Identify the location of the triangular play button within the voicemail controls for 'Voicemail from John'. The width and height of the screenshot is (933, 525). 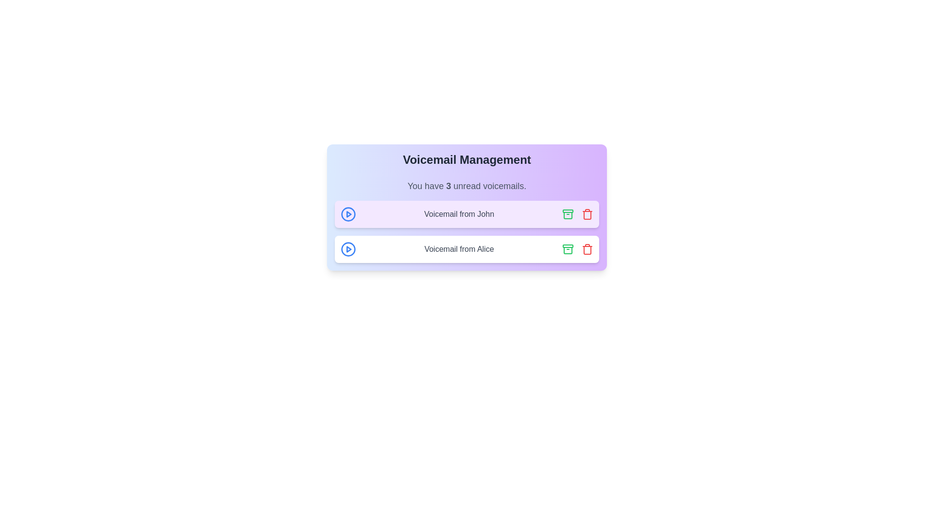
(349, 249).